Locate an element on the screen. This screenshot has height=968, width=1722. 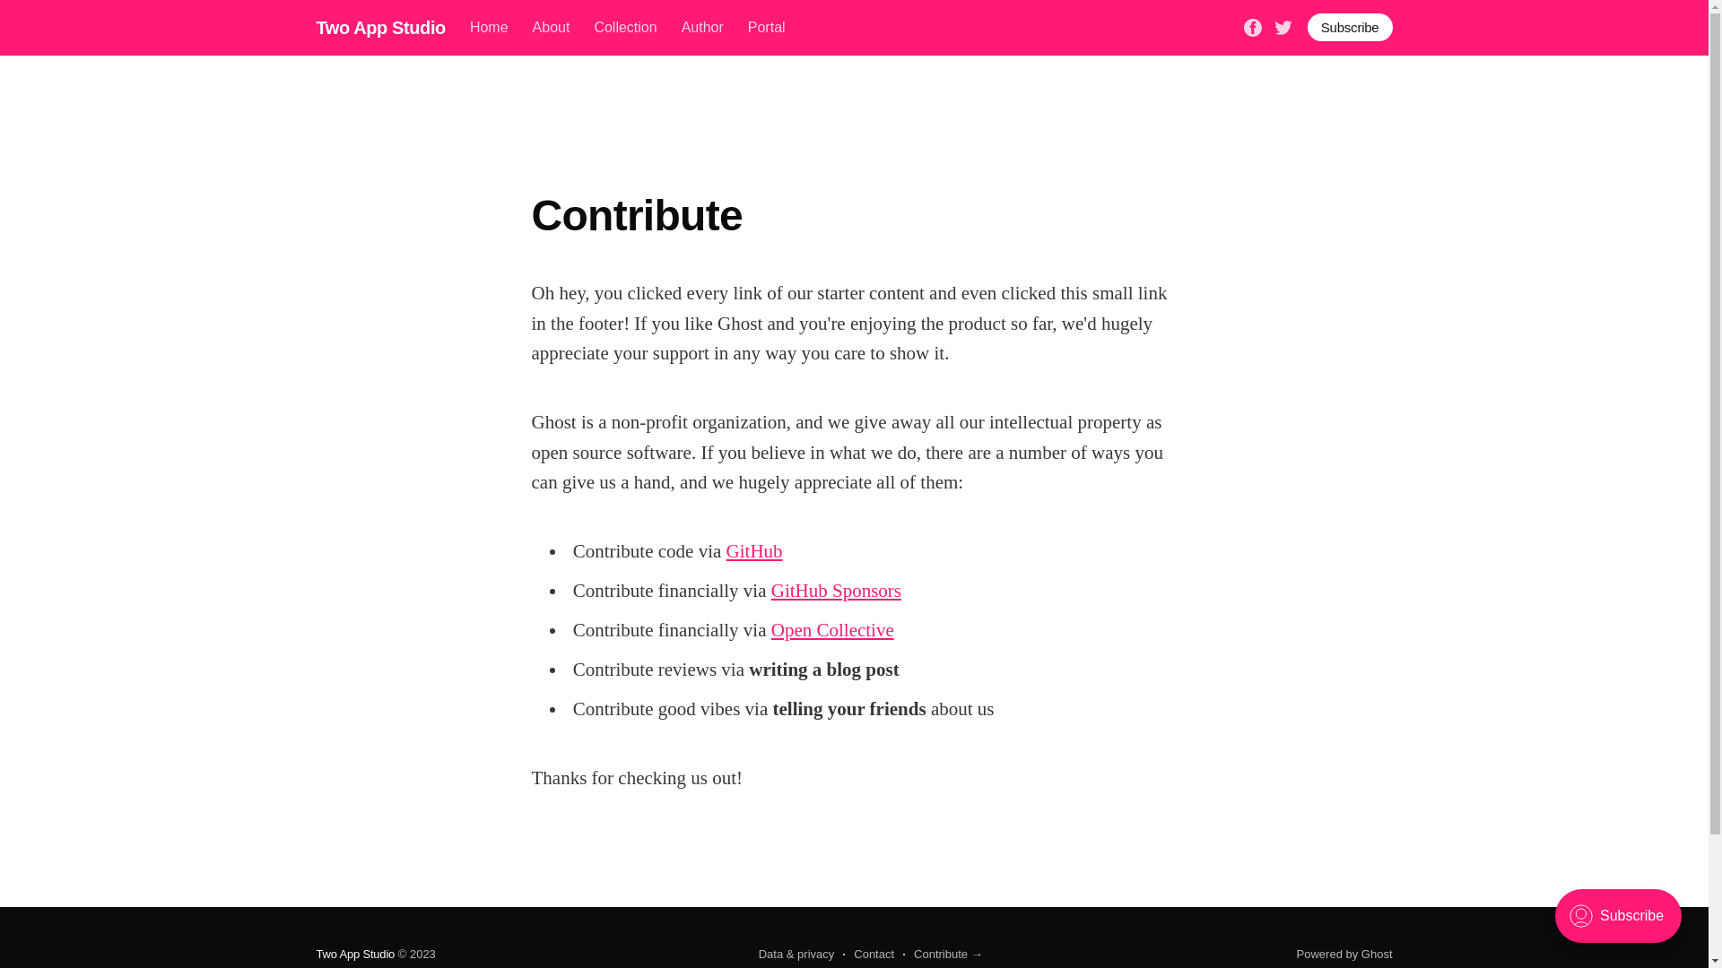
'Facebook' is located at coordinates (1251, 26).